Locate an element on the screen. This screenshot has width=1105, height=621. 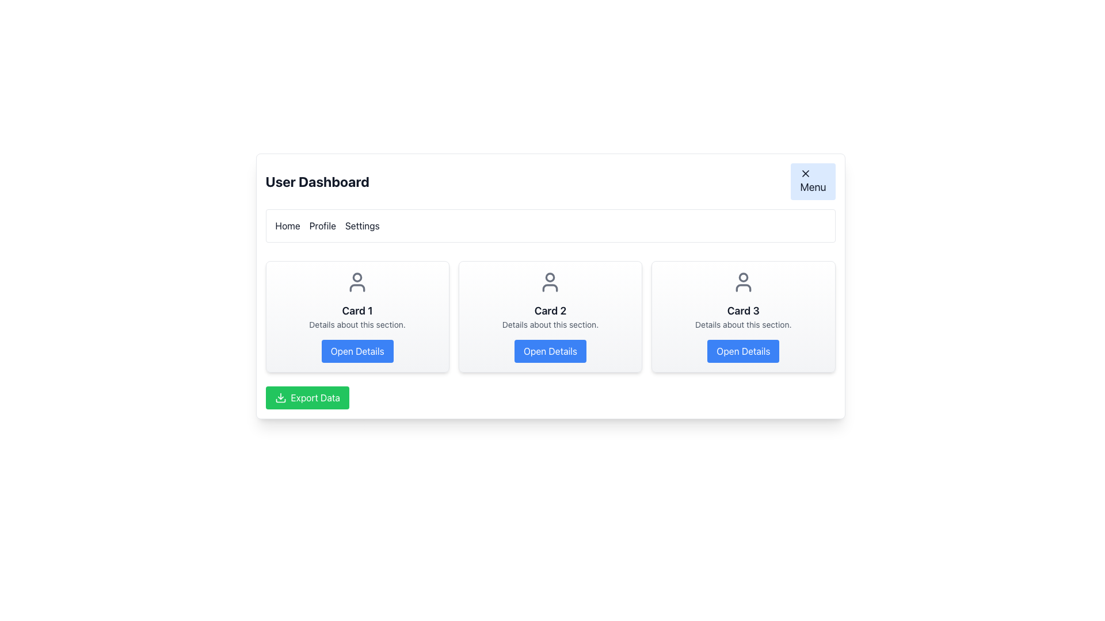
the SVG Icon representing the download or export feature located within the green 'Export Data' button at the bottom-left corner of the main content area is located at coordinates (280, 397).